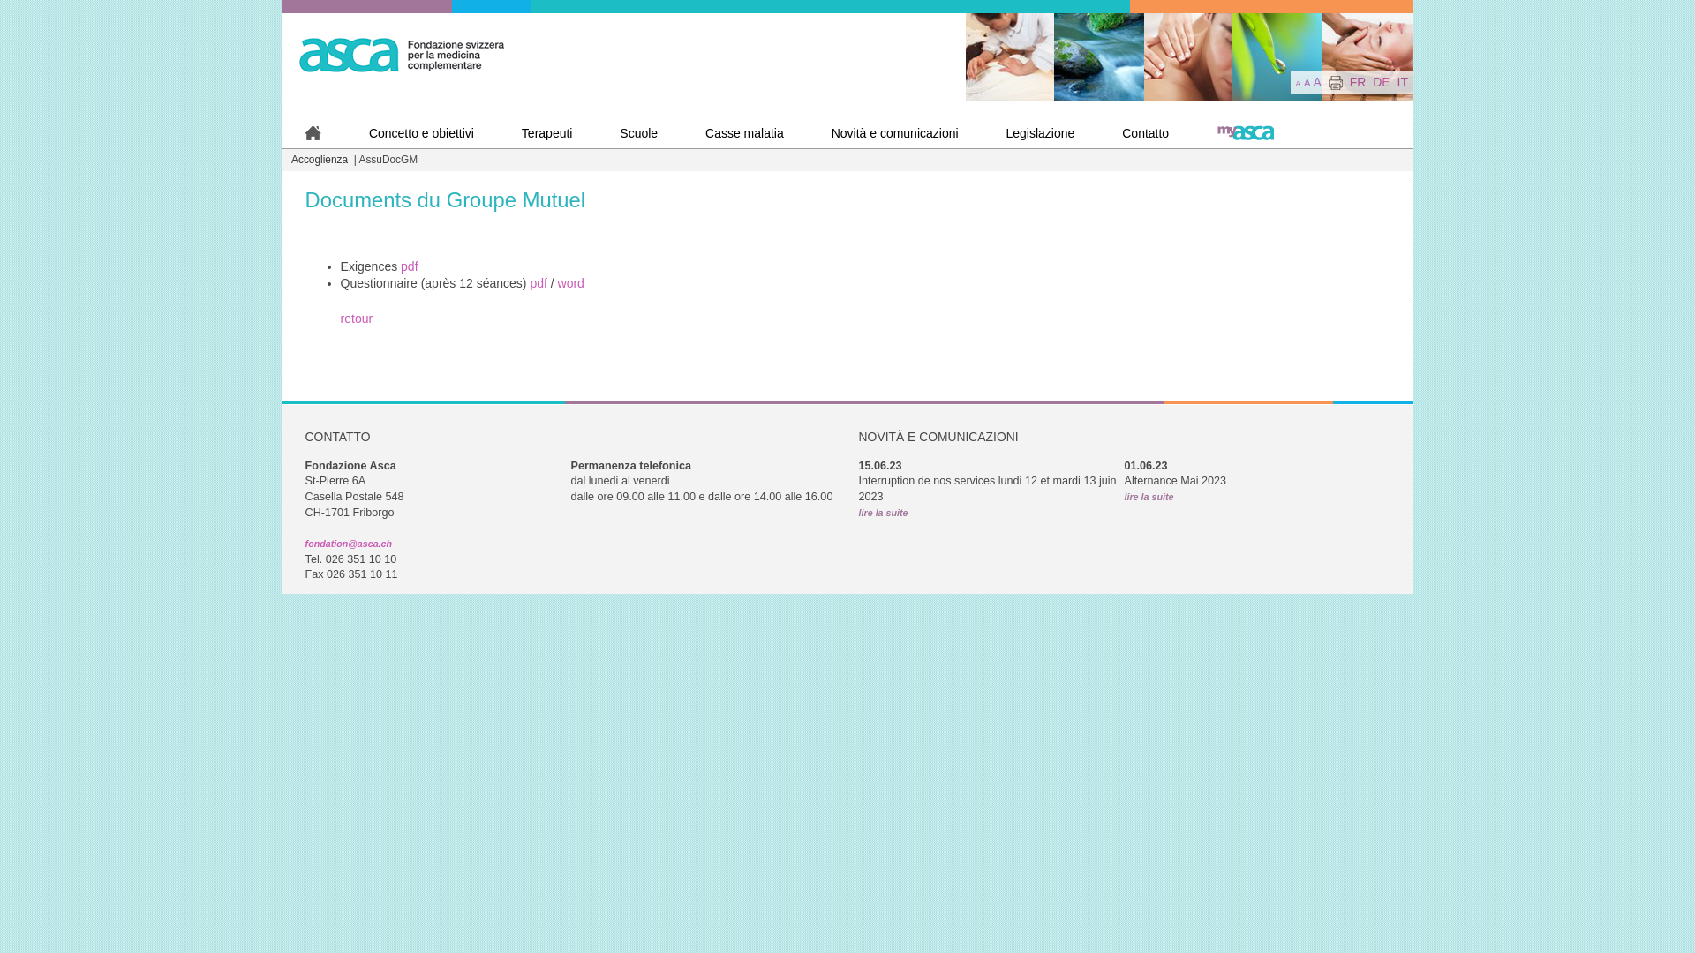 This screenshot has width=1695, height=953. Describe the element at coordinates (1380, 81) in the screenshot. I see `'DE'` at that location.